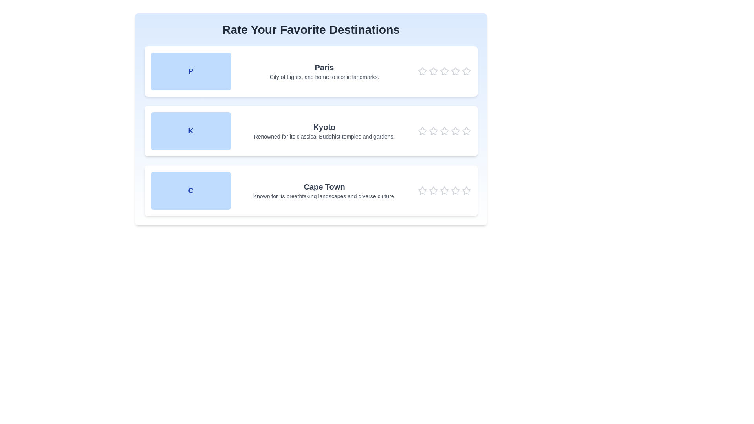 The image size is (754, 424). I want to click on the first star in the 5-star rating system for the 'Cape Town' section, so click(422, 191).